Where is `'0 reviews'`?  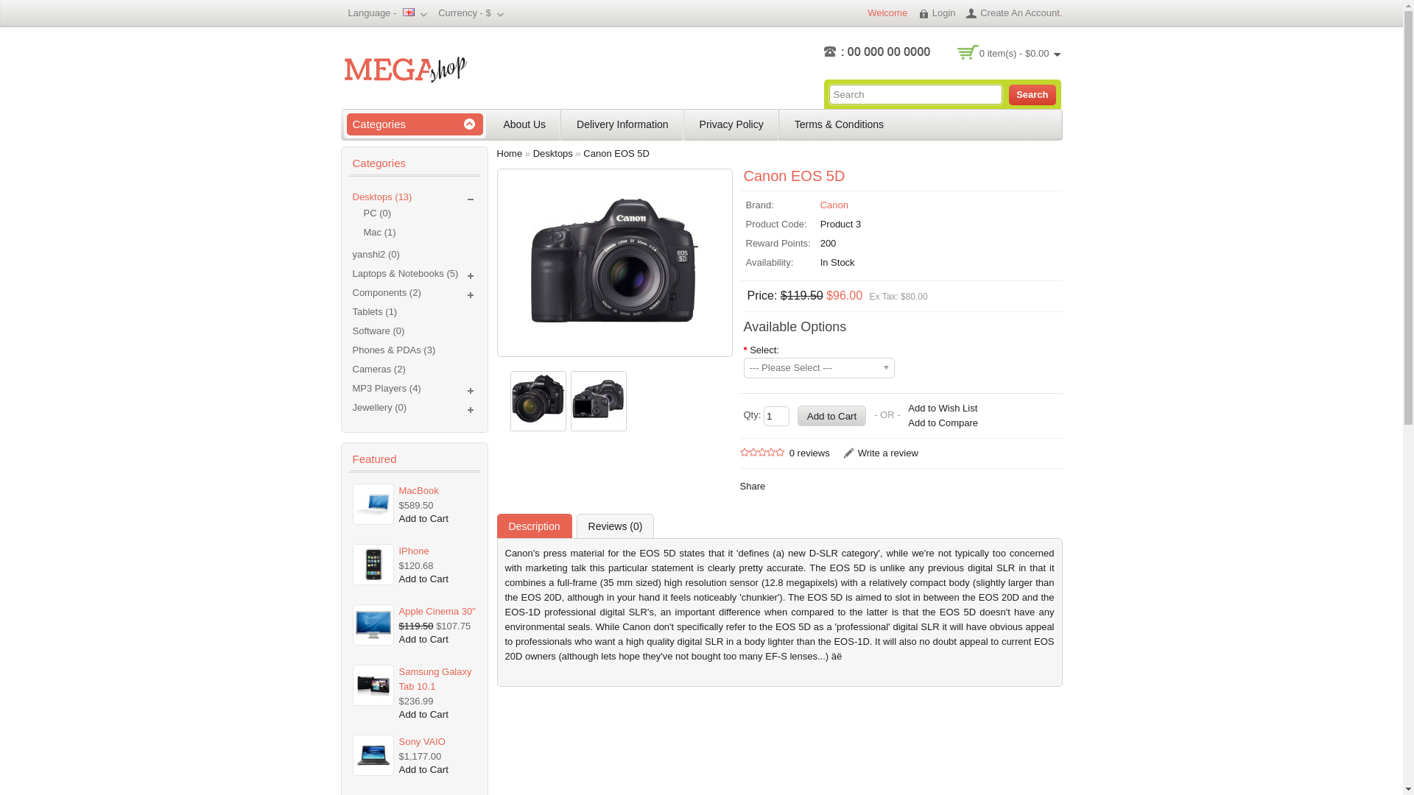
'0 reviews' is located at coordinates (809, 452).